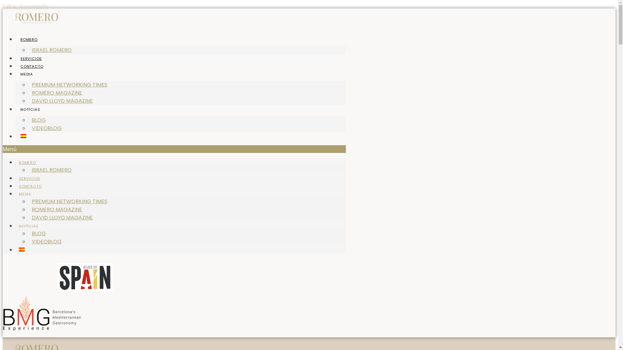 Image resolution: width=623 pixels, height=350 pixels. I want to click on 'Logo_Romero_Premium_Networking', so click(36, 18).